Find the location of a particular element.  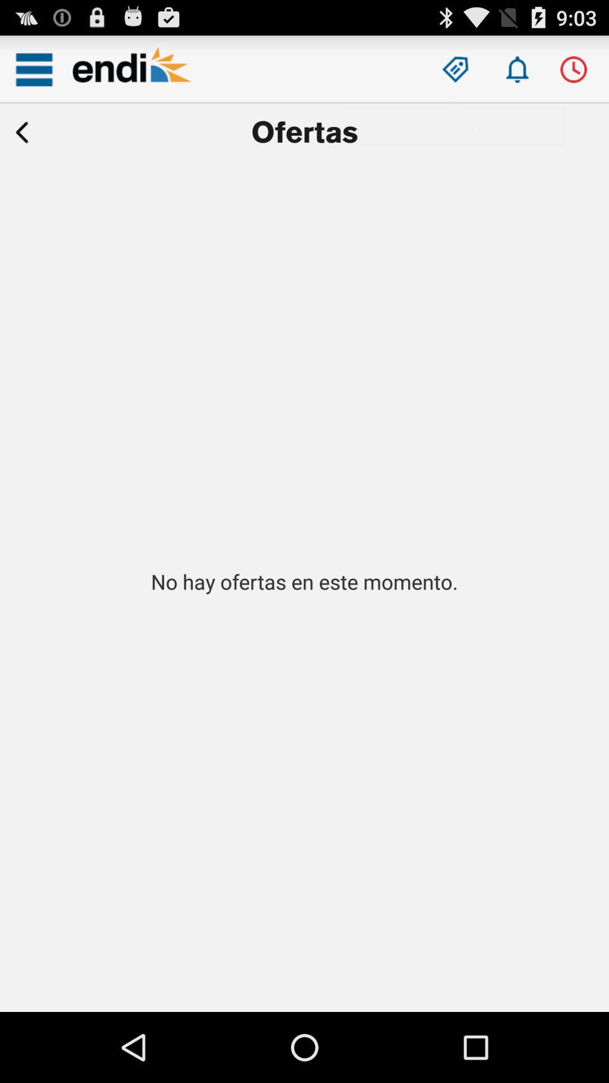

opens a dropdown menu of choices is located at coordinates (33, 69).